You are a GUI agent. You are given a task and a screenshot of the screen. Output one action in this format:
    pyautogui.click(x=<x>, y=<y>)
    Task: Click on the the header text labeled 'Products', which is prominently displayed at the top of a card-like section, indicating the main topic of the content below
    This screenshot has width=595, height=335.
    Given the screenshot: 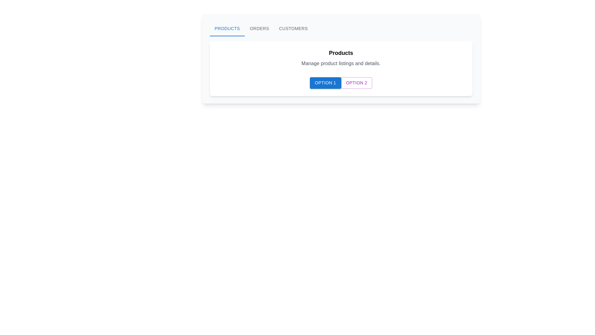 What is the action you would take?
    pyautogui.click(x=341, y=52)
    